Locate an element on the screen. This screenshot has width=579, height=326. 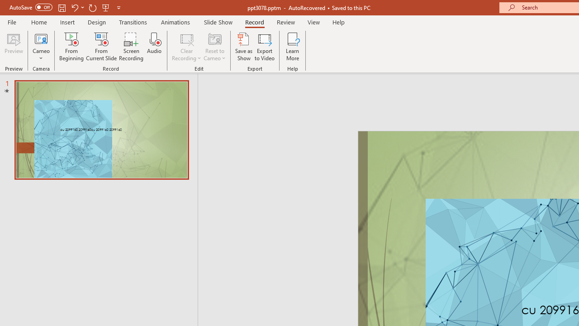
'Quick Access Toolbar' is located at coordinates (65, 7).